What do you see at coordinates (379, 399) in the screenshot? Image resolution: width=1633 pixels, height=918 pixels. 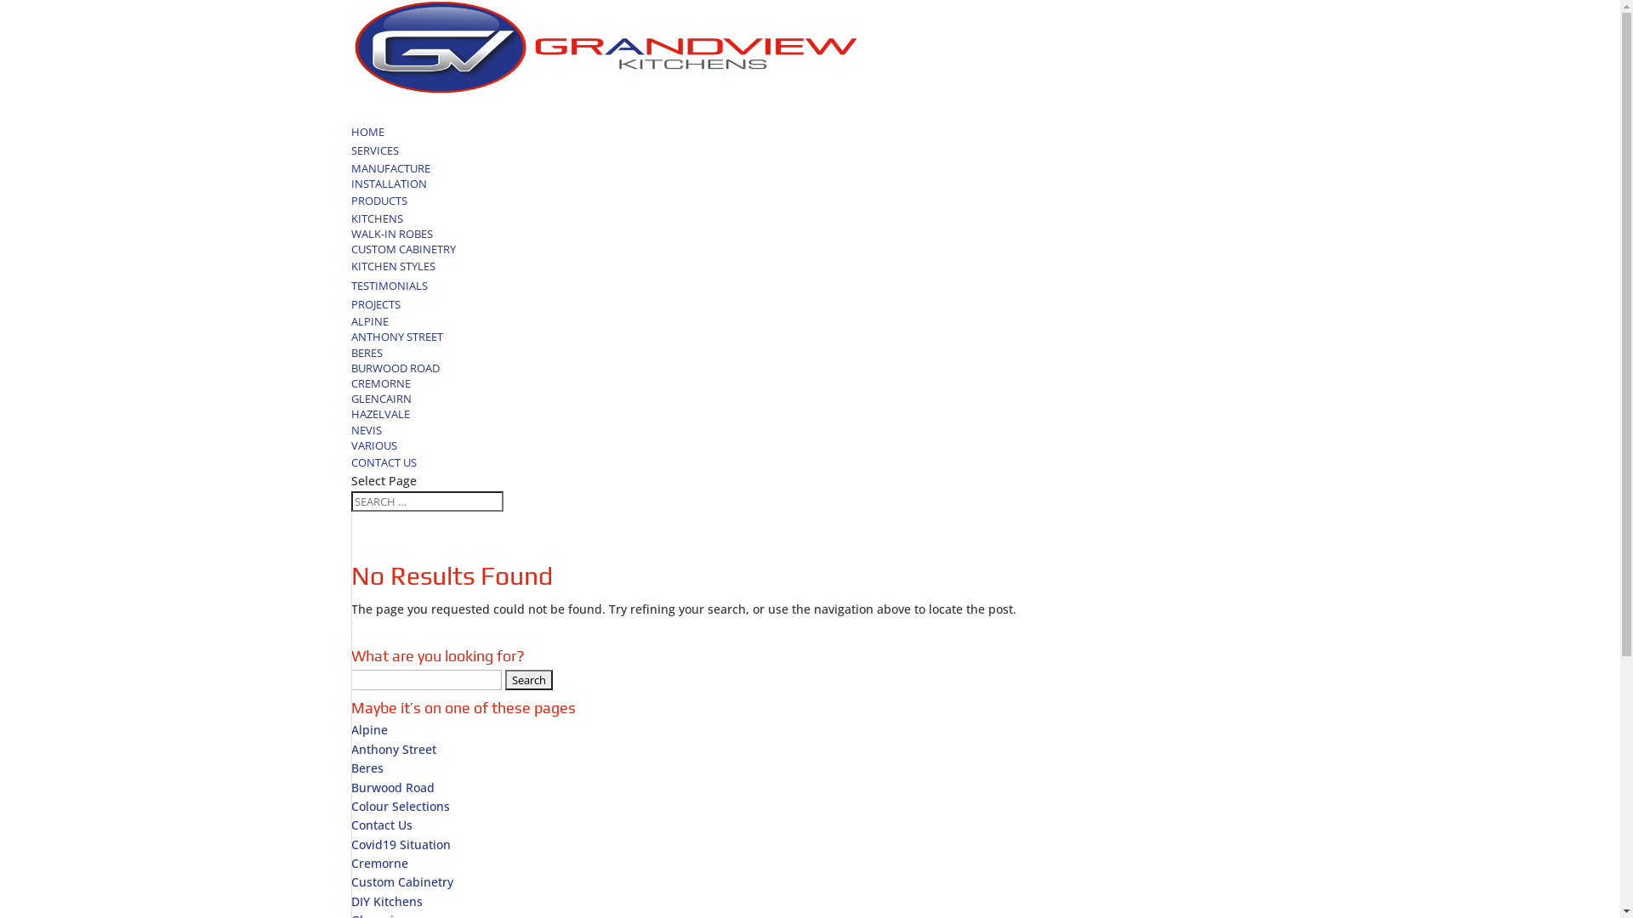 I see `'GLENCAIRN'` at bounding box center [379, 399].